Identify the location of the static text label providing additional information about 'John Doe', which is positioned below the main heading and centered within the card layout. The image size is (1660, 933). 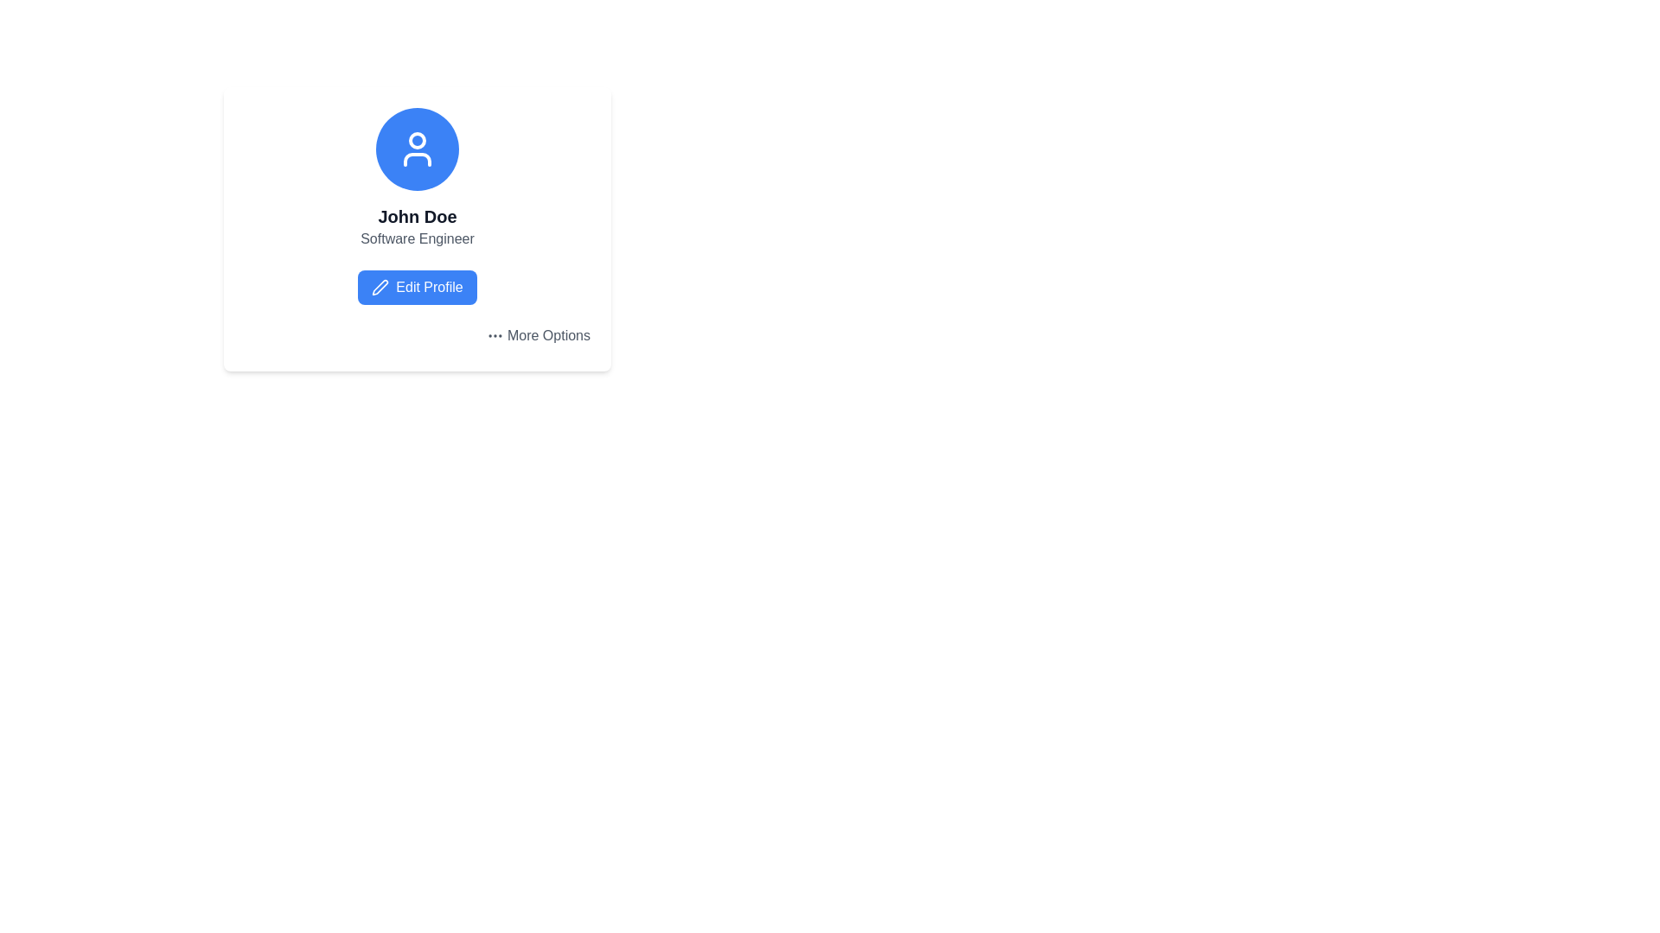
(418, 239).